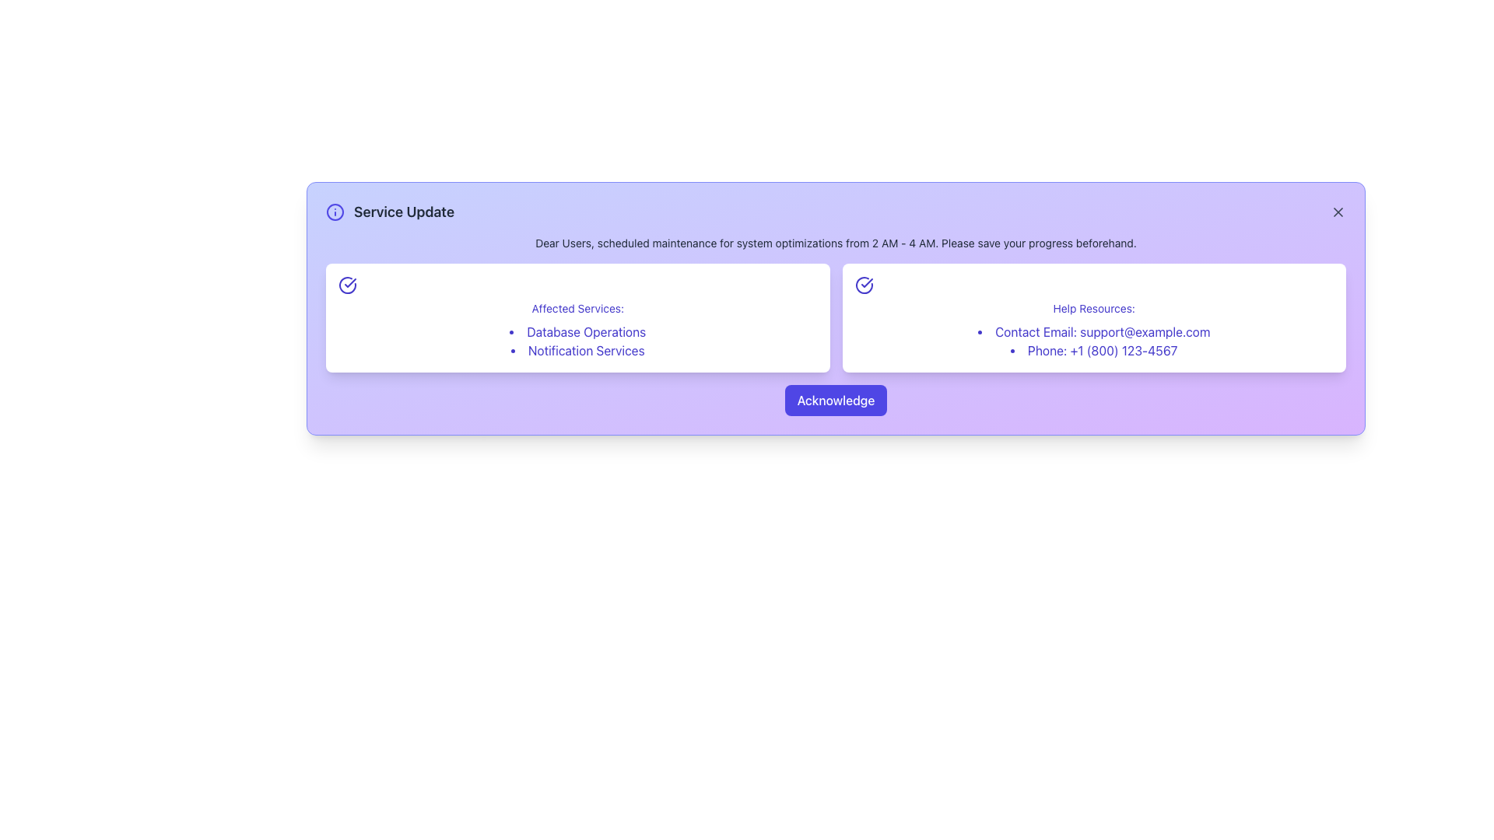  Describe the element at coordinates (835, 243) in the screenshot. I see `the text element that informs users of scheduled maintenance, located within the notification card below the title 'Service Update'` at that location.